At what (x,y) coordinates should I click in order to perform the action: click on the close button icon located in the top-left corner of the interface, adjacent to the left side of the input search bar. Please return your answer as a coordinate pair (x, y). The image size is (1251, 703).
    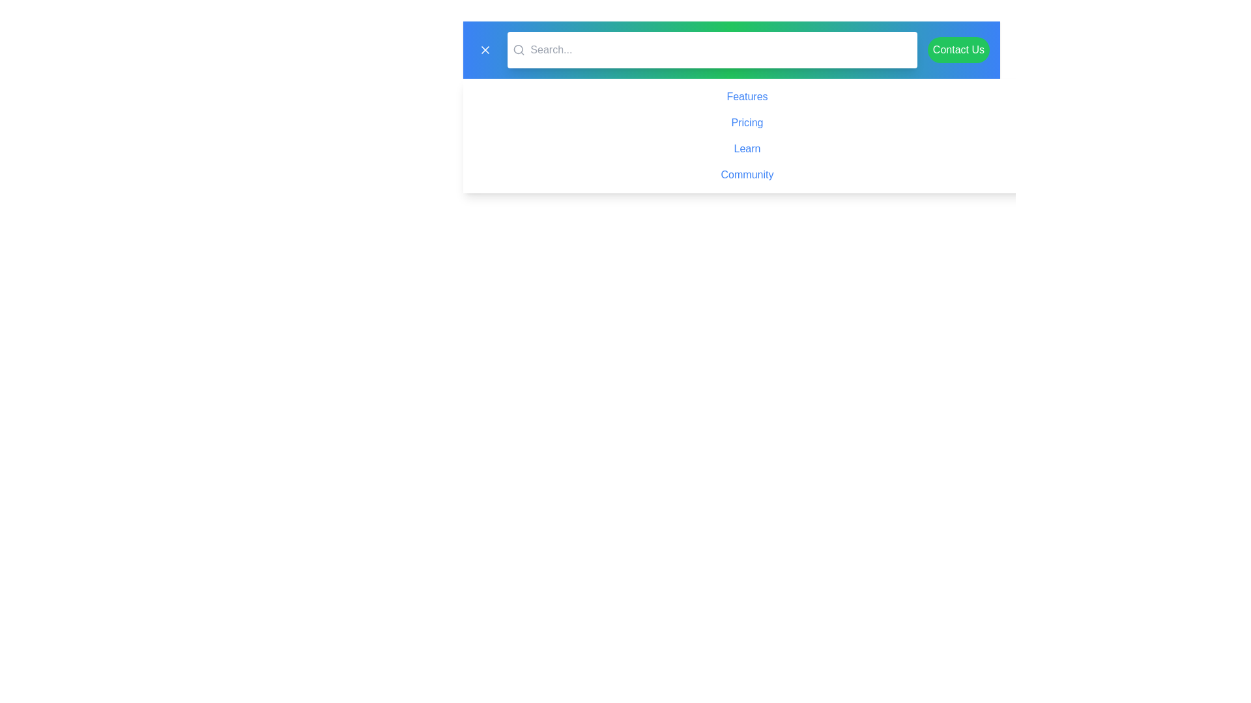
    Looking at the image, I should click on (484, 49).